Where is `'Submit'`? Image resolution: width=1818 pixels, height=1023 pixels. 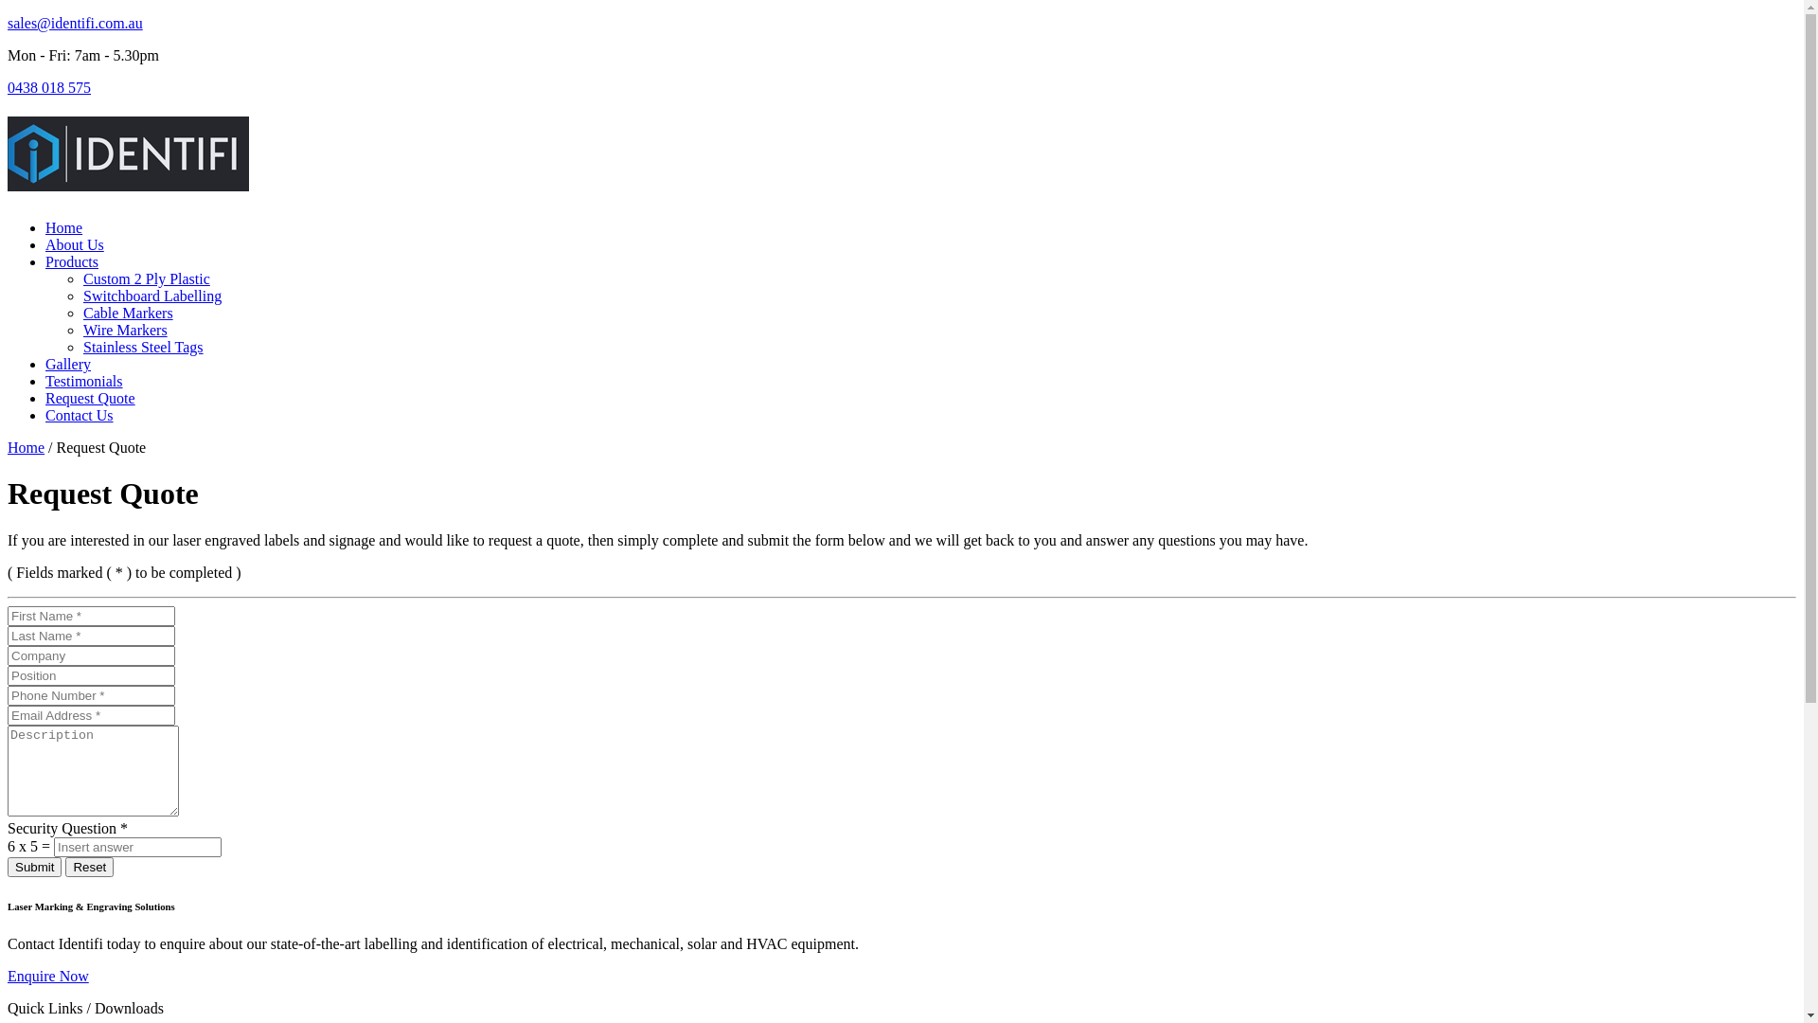
'Submit' is located at coordinates (34, 867).